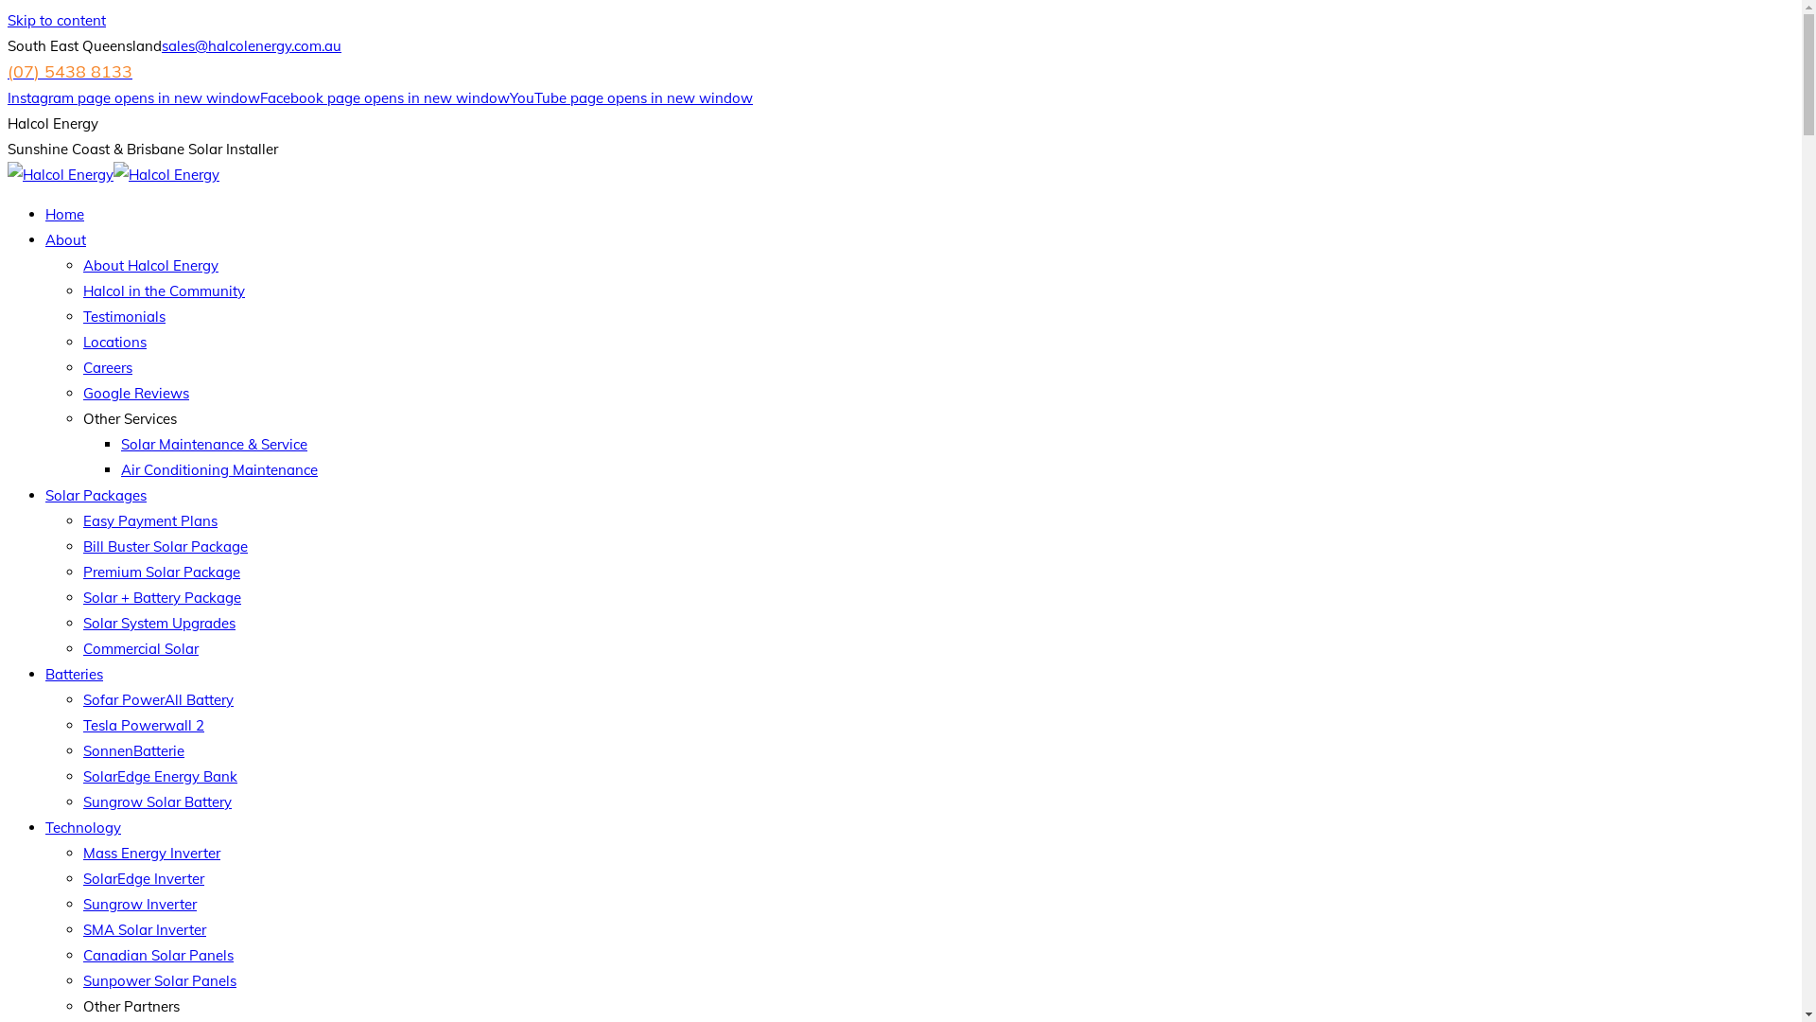 Image resolution: width=1816 pixels, height=1022 pixels. Describe the element at coordinates (132, 97) in the screenshot. I see `'Instagram page opens in new window'` at that location.